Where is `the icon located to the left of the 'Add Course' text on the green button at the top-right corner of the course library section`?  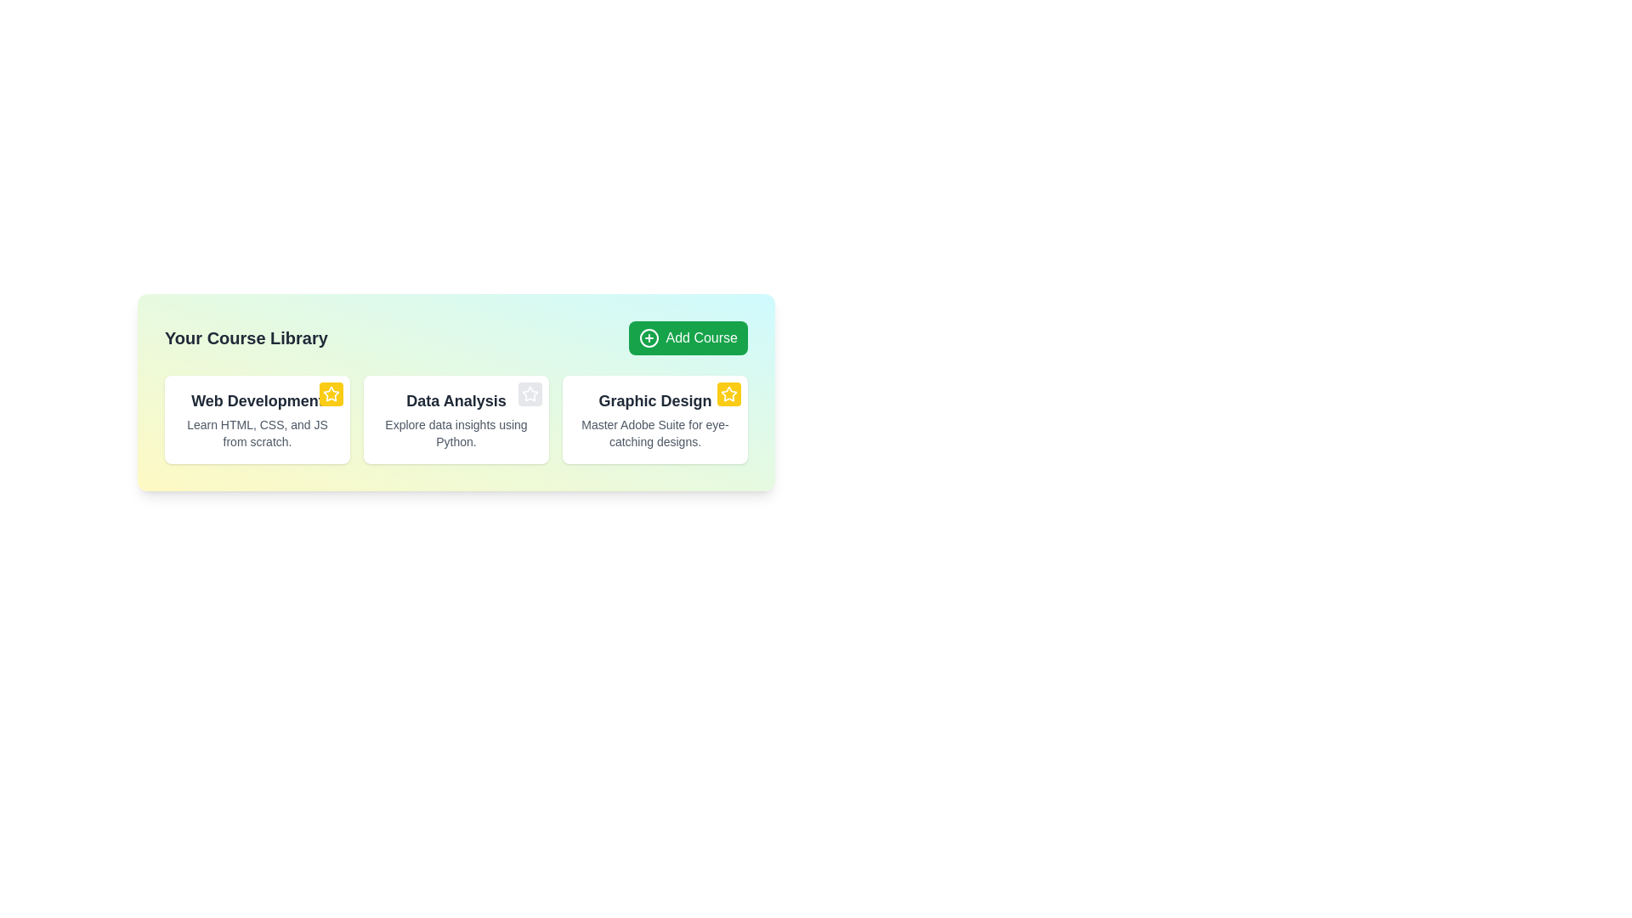 the icon located to the left of the 'Add Course' text on the green button at the top-right corner of the course library section is located at coordinates (648, 337).